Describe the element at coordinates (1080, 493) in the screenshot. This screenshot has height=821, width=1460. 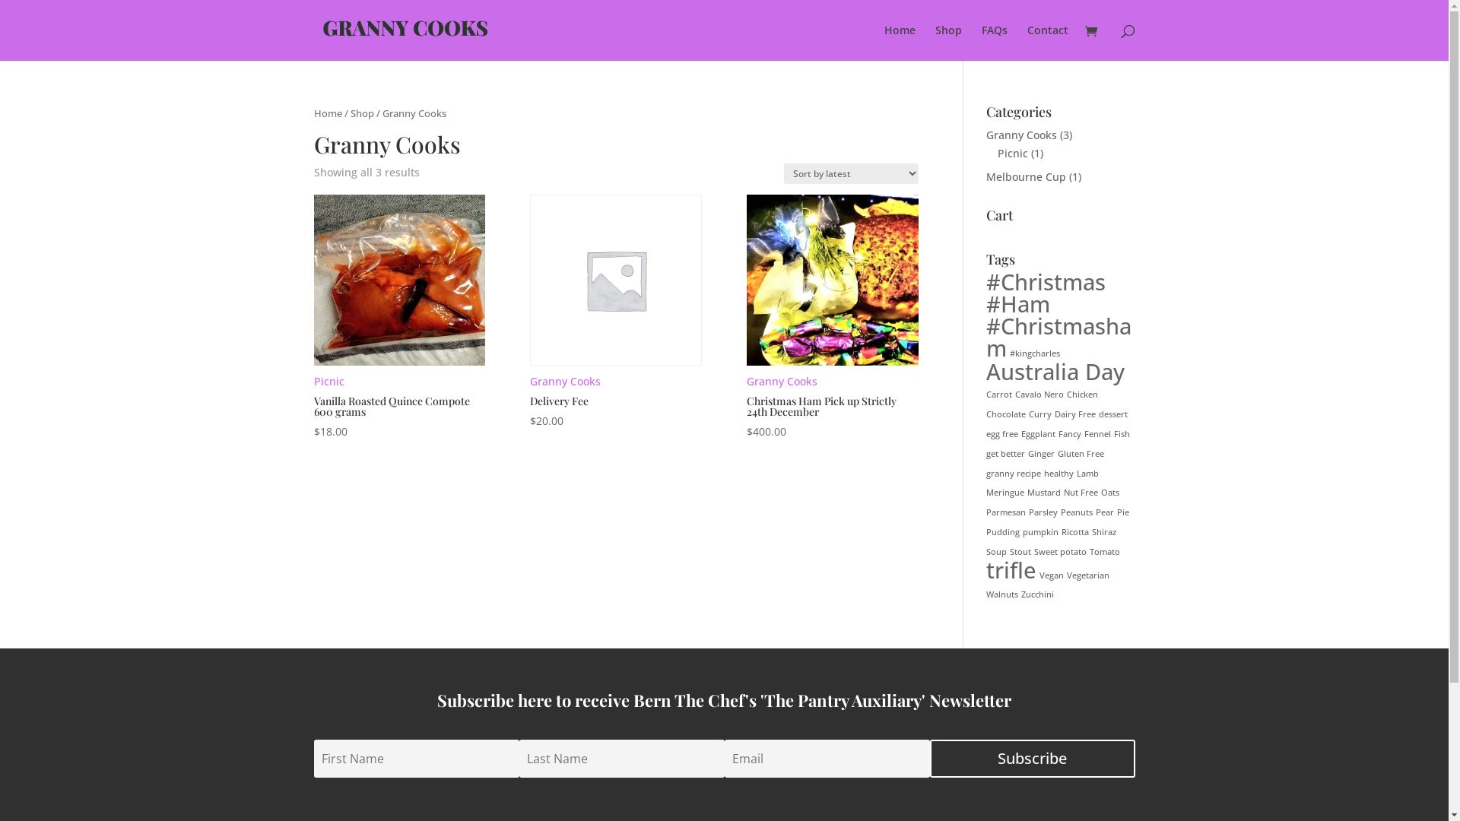
I see `'Nut Free'` at that location.